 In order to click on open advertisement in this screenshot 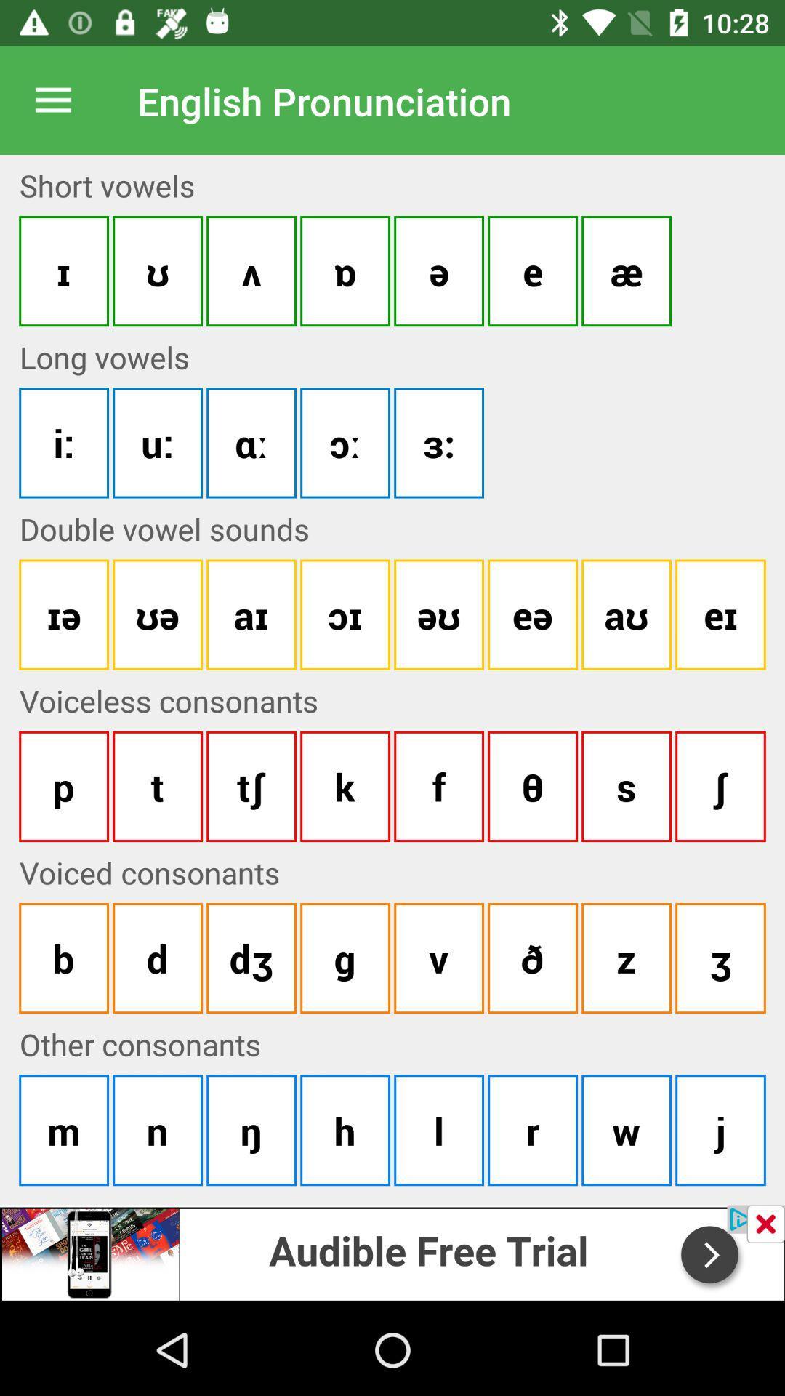, I will do `click(392, 1252)`.